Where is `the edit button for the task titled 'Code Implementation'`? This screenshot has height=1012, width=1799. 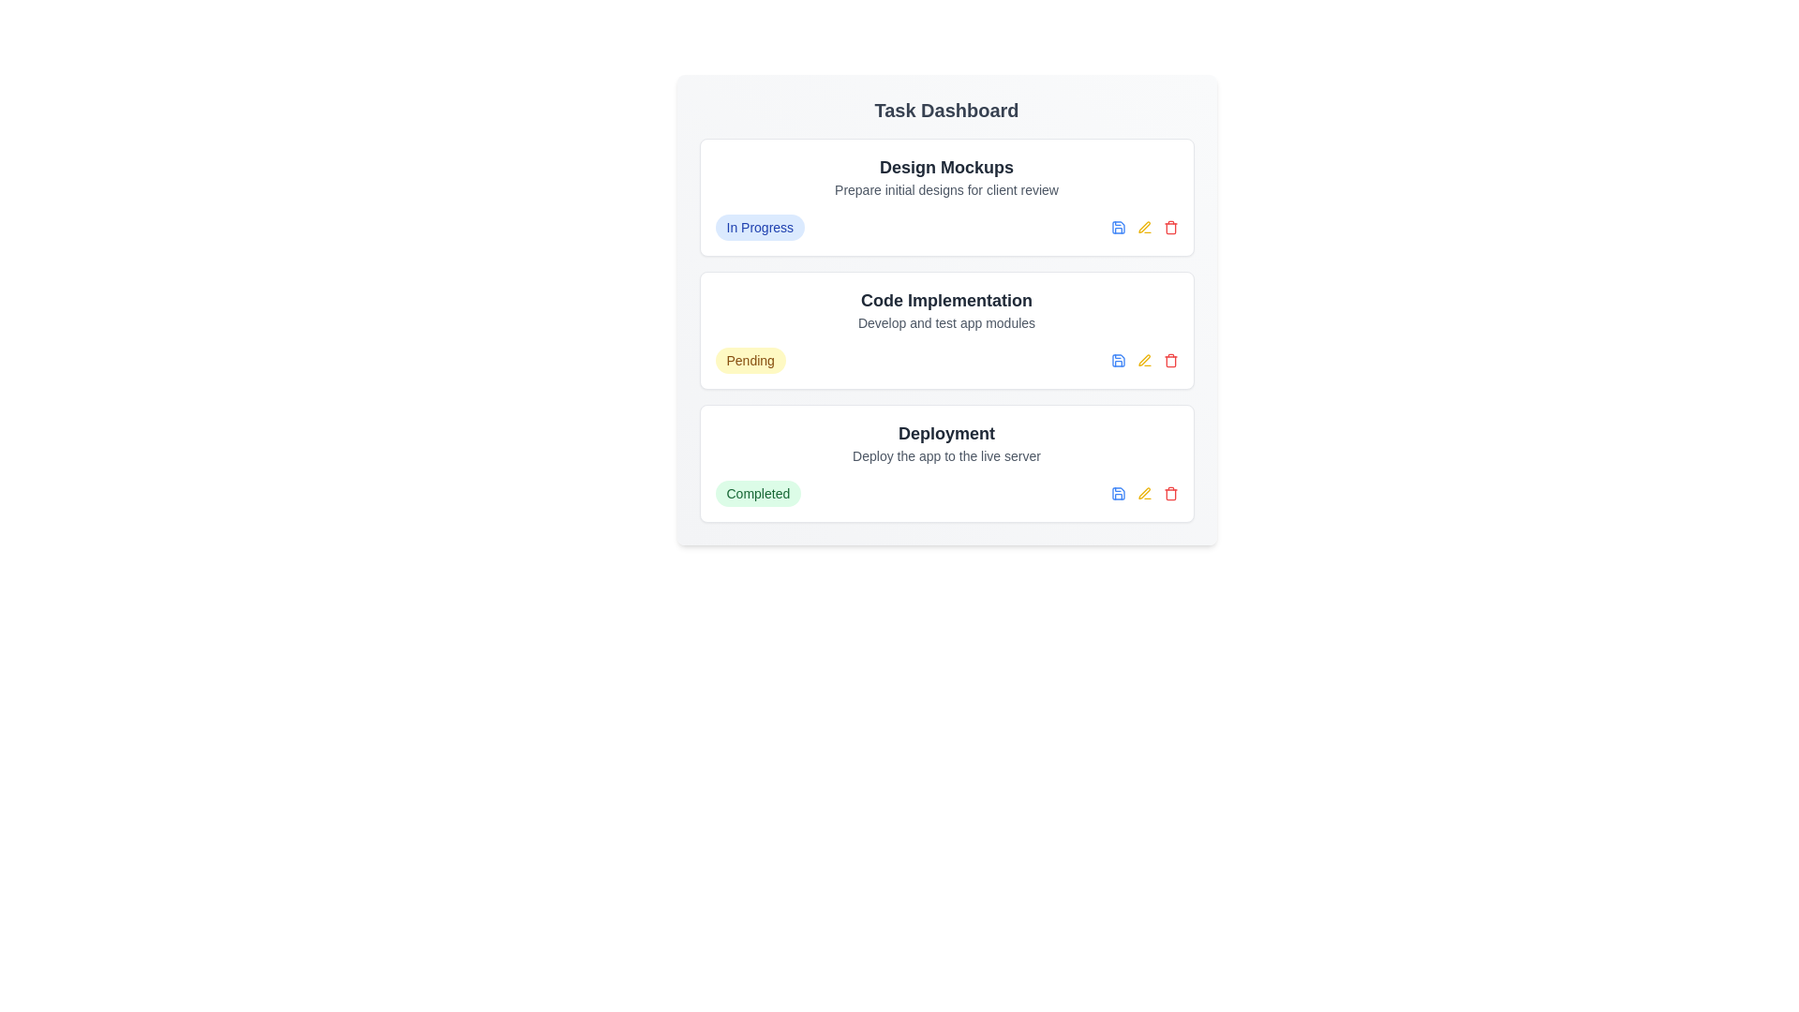 the edit button for the task titled 'Code Implementation' is located at coordinates (1143, 361).